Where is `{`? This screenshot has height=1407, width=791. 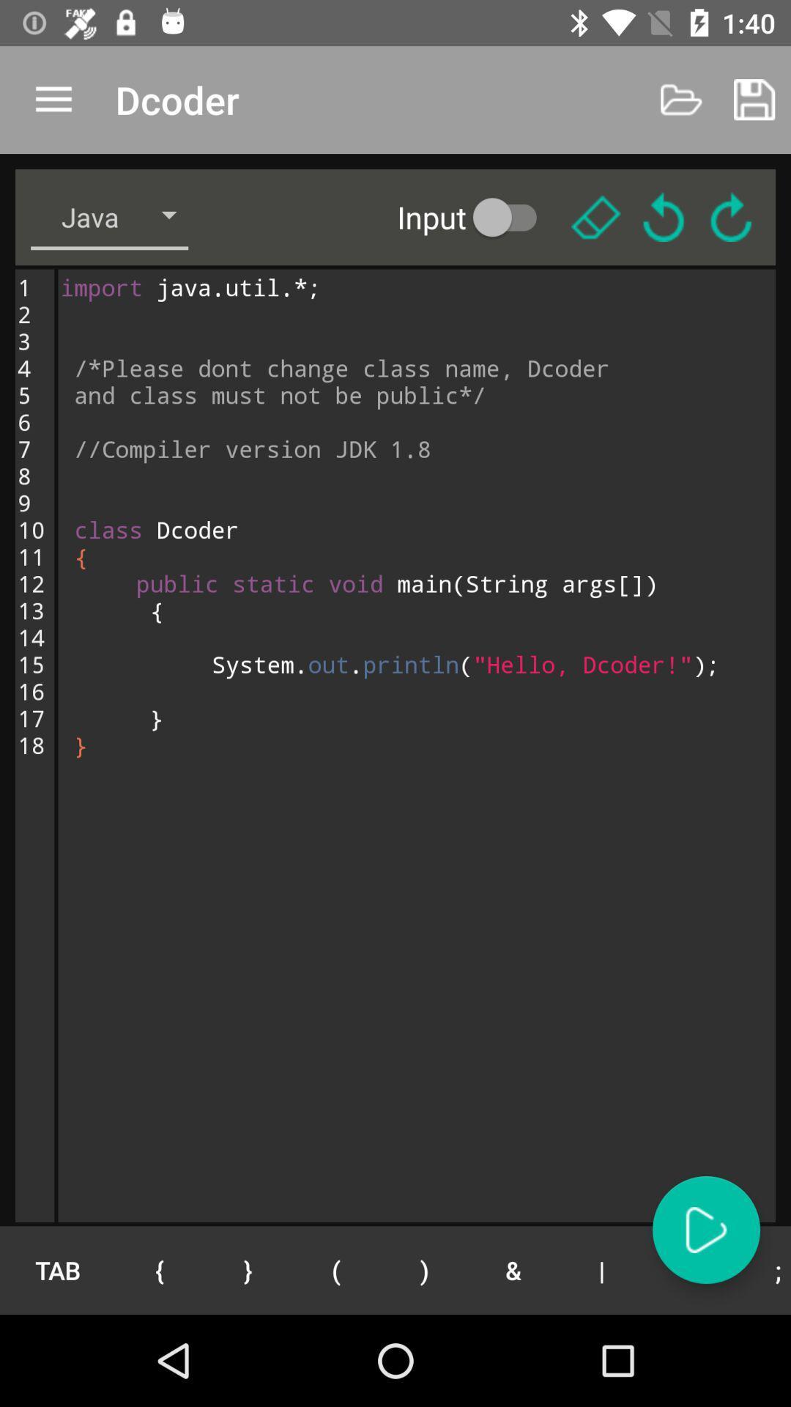
{ is located at coordinates (159, 1269).